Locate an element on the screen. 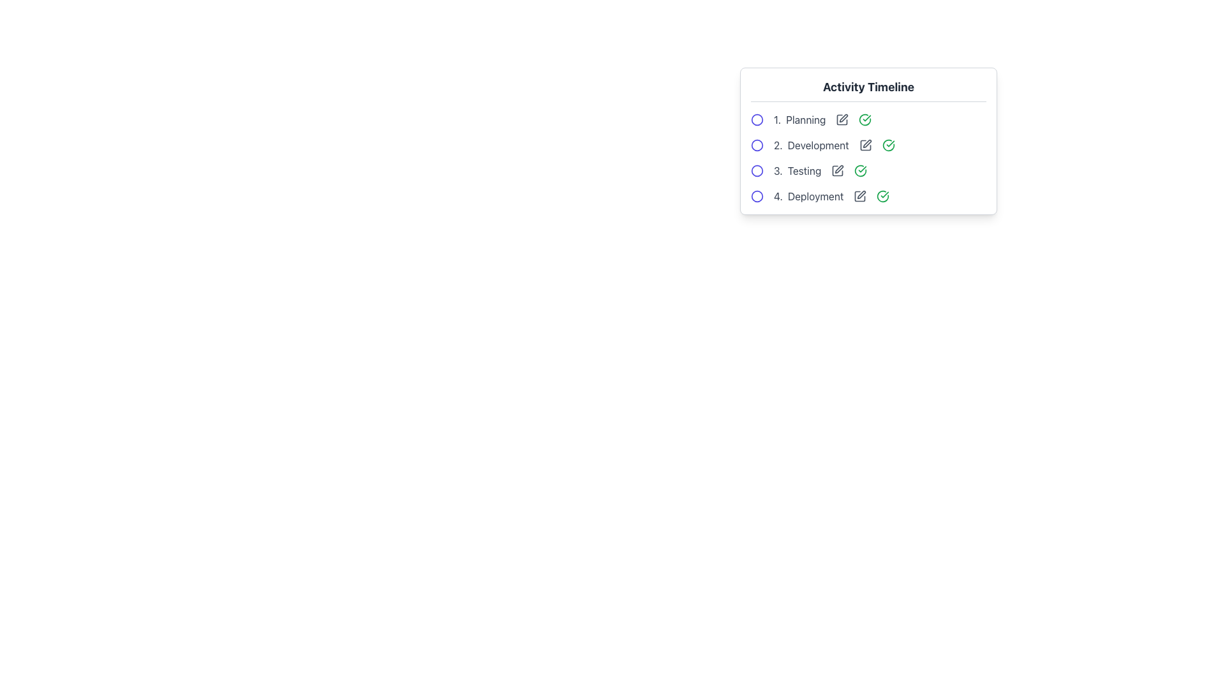 The width and height of the screenshot is (1225, 689). the square outline icon representing the 'Deployment' task in the 'Activity Timeline' section is located at coordinates (860, 196).